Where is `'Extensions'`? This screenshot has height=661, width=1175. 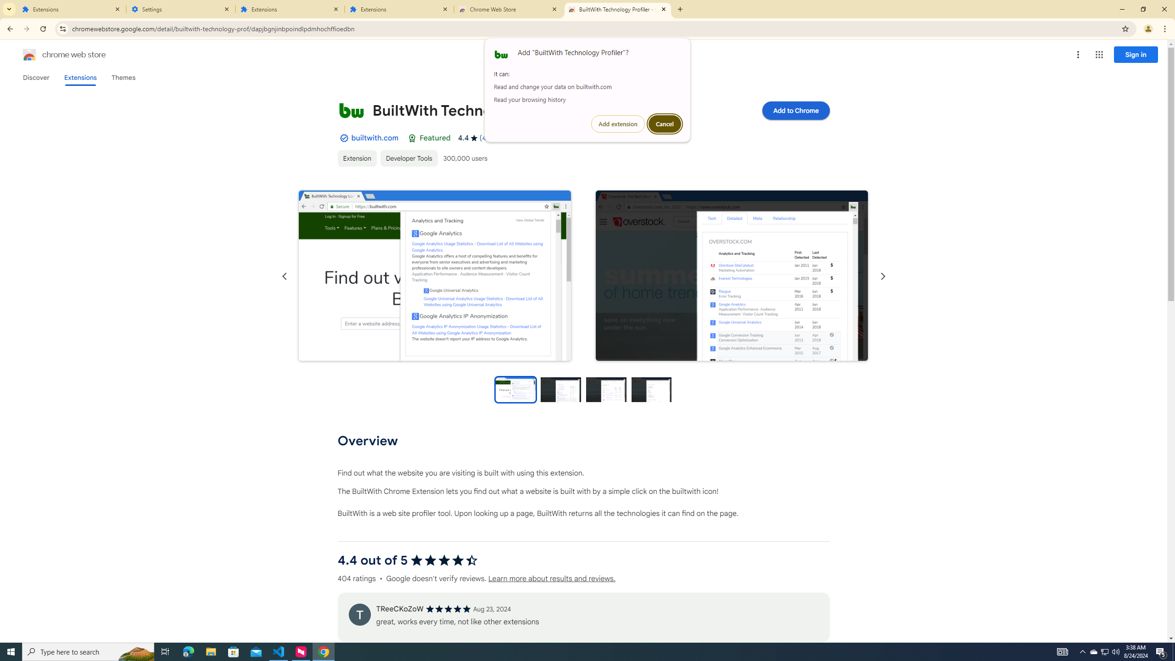
'Extensions' is located at coordinates (71, 9).